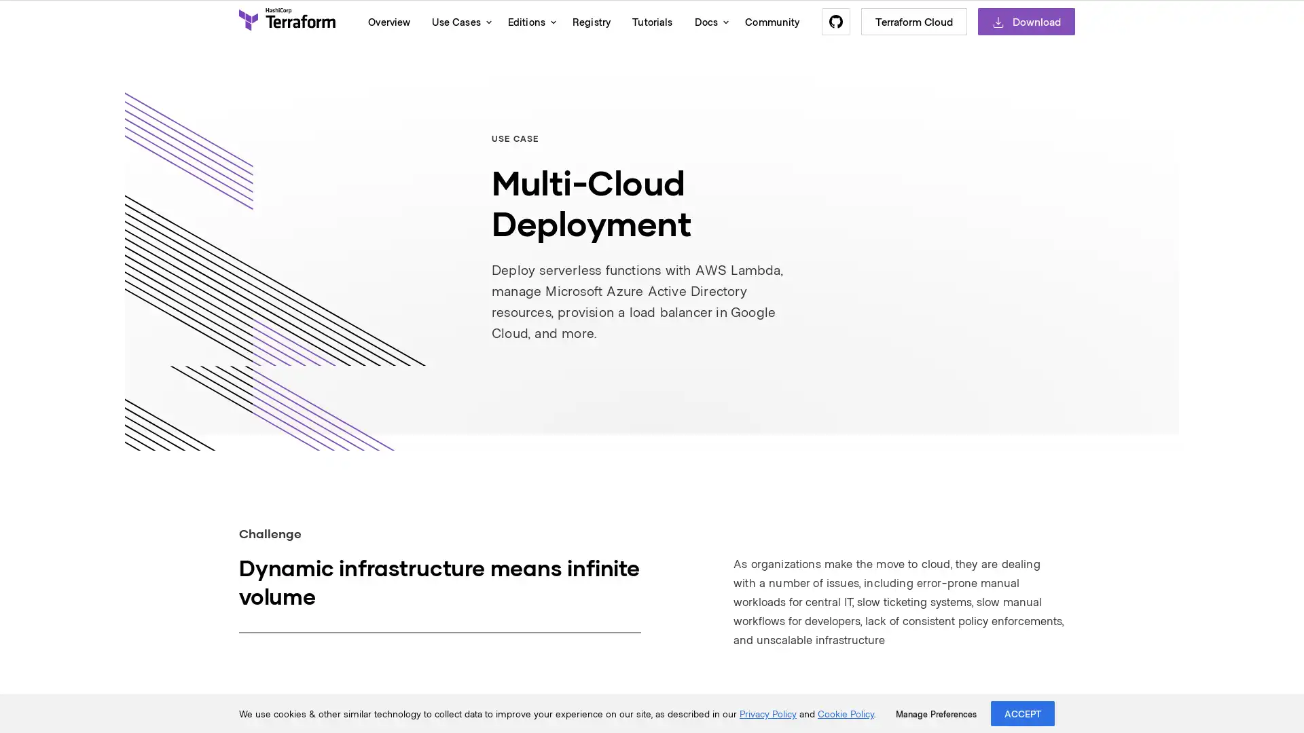 This screenshot has width=1304, height=733. Describe the element at coordinates (458, 21) in the screenshot. I see `Use Cases` at that location.